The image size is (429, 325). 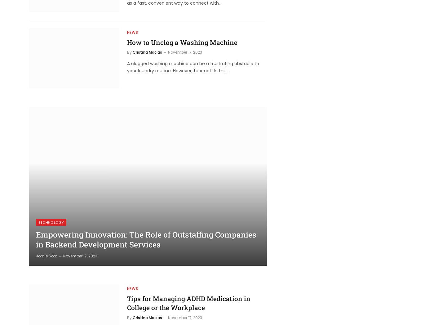 What do you see at coordinates (46, 255) in the screenshot?
I see `'Jorgie Soto'` at bounding box center [46, 255].